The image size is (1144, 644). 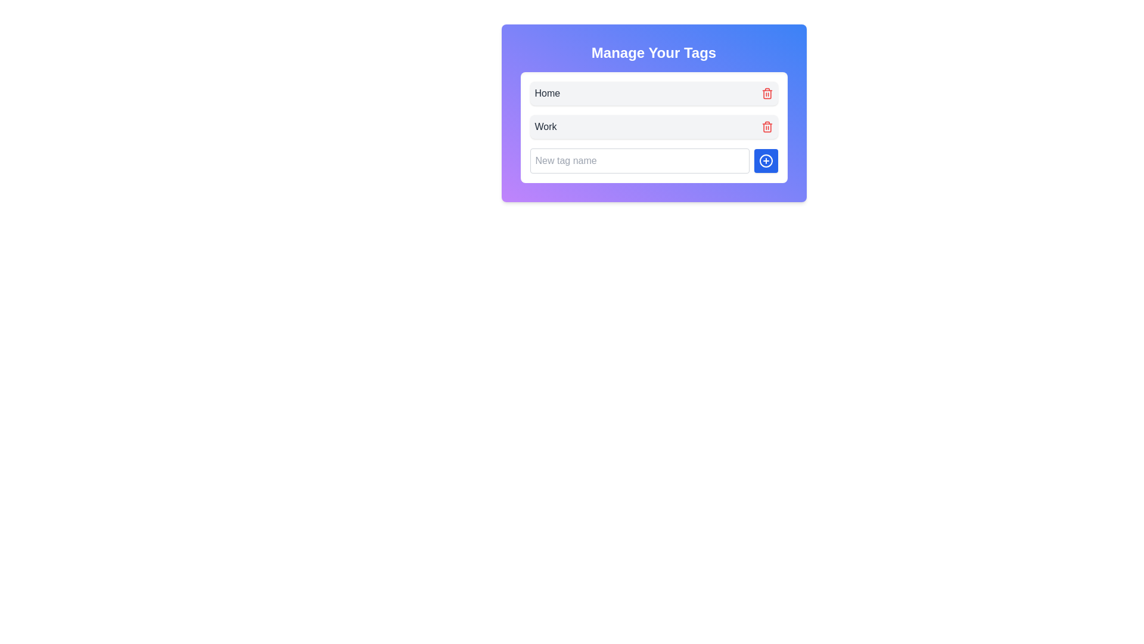 I want to click on the Text Label that contains the text 'Work', which is located in the second row under 'Manage Your Tags', so click(x=545, y=126).